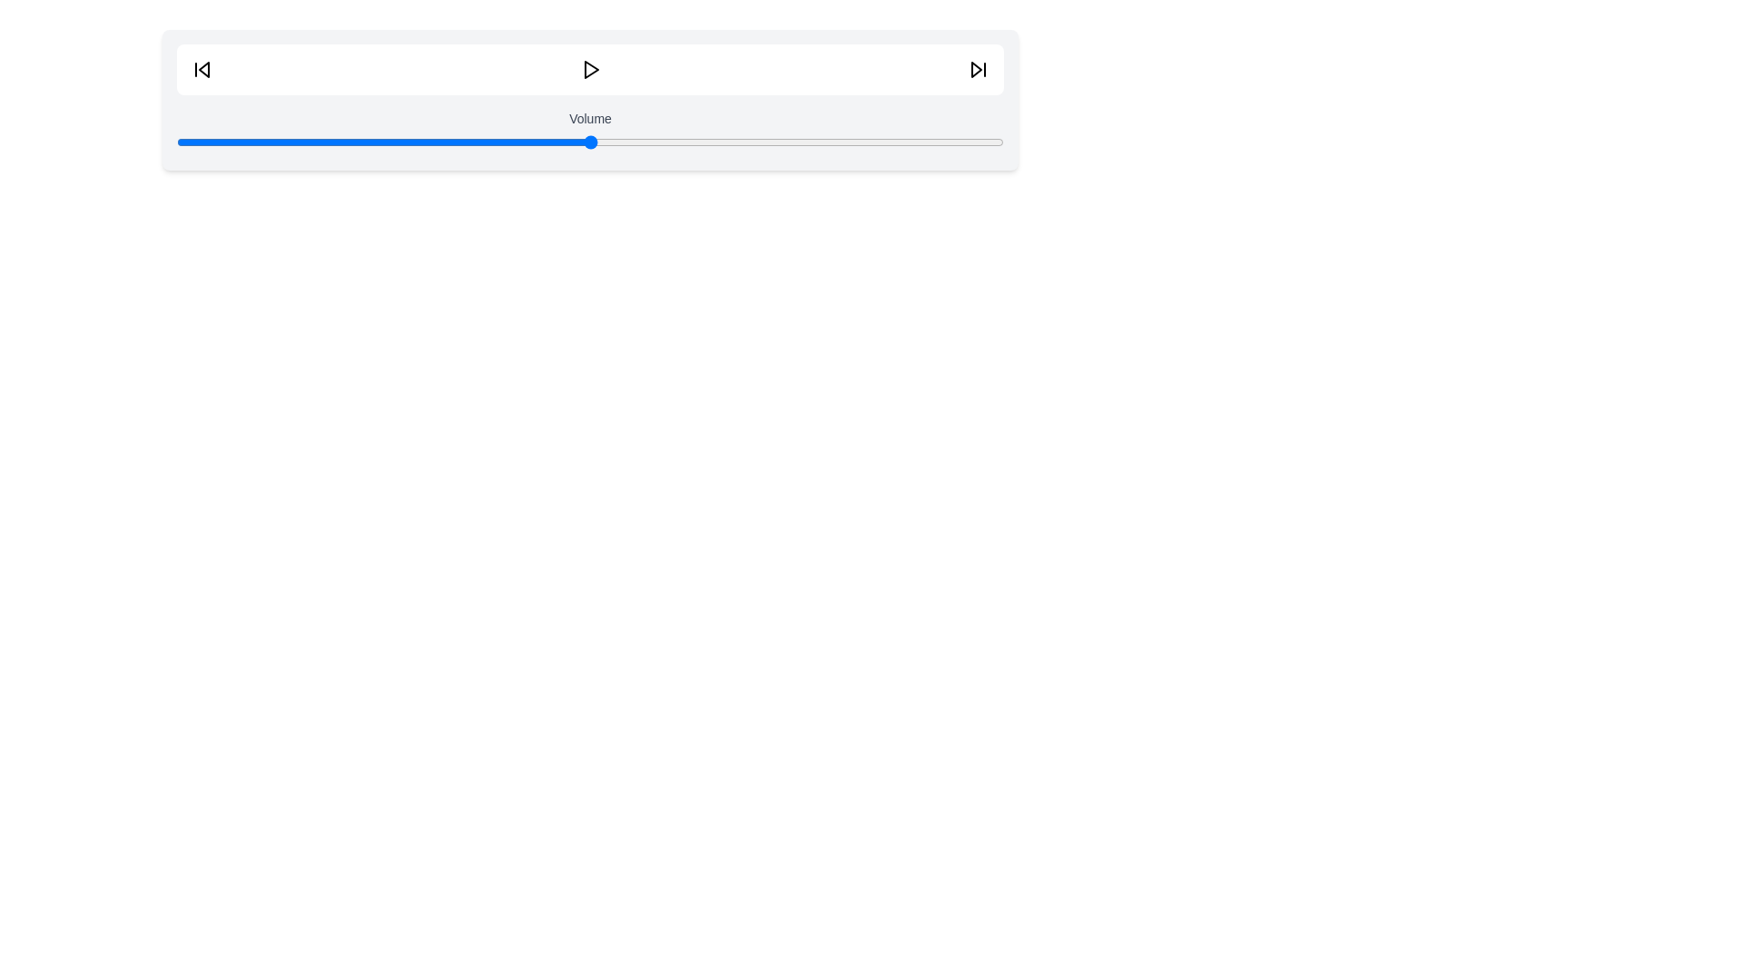  Describe the element at coordinates (704, 142) in the screenshot. I see `the volume level` at that location.